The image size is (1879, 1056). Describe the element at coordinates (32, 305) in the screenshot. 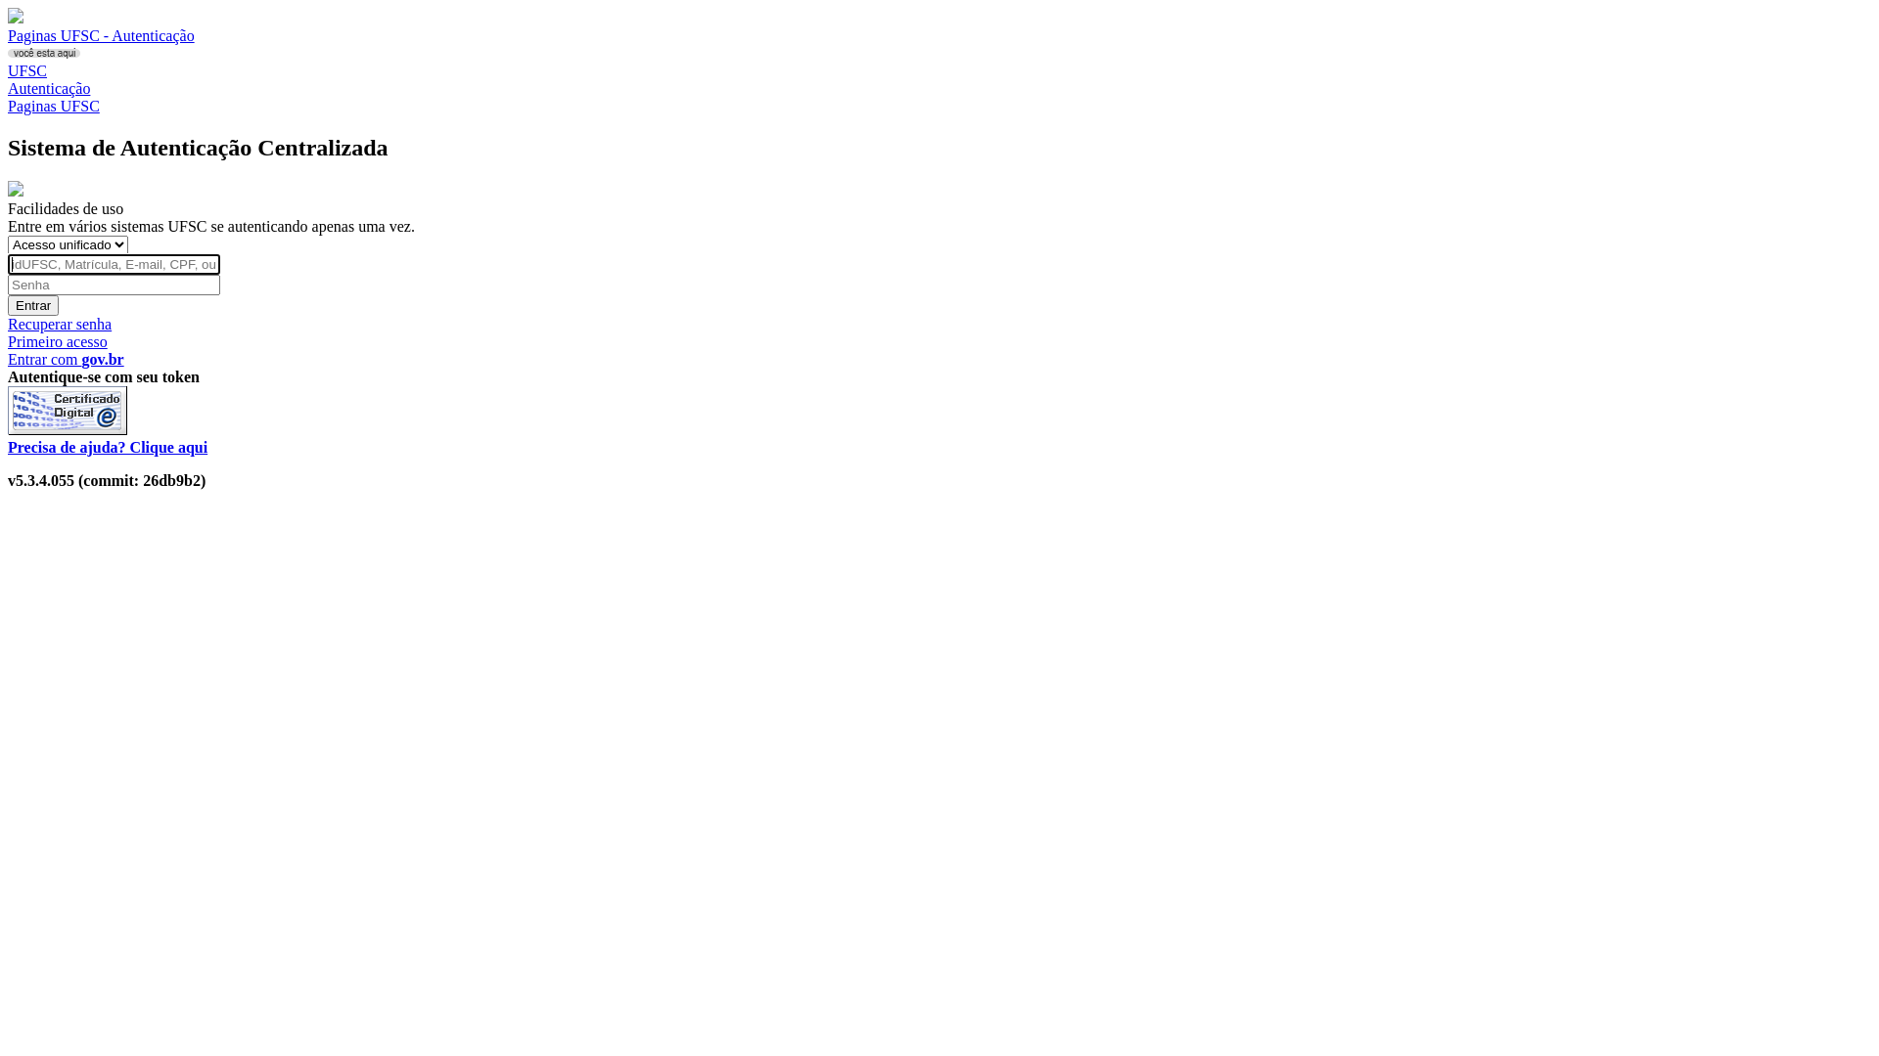

I see `'Entrar'` at that location.